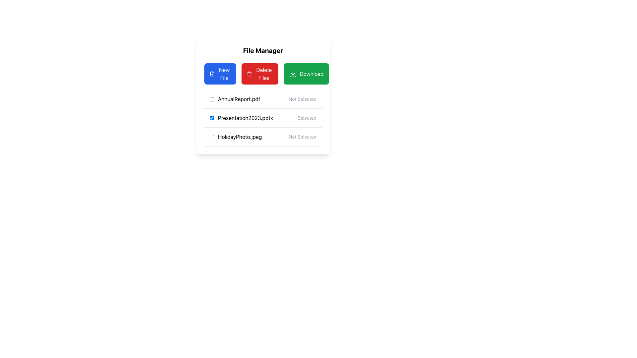 The width and height of the screenshot is (637, 358). What do you see at coordinates (306, 74) in the screenshot?
I see `keyboard navigation` at bounding box center [306, 74].